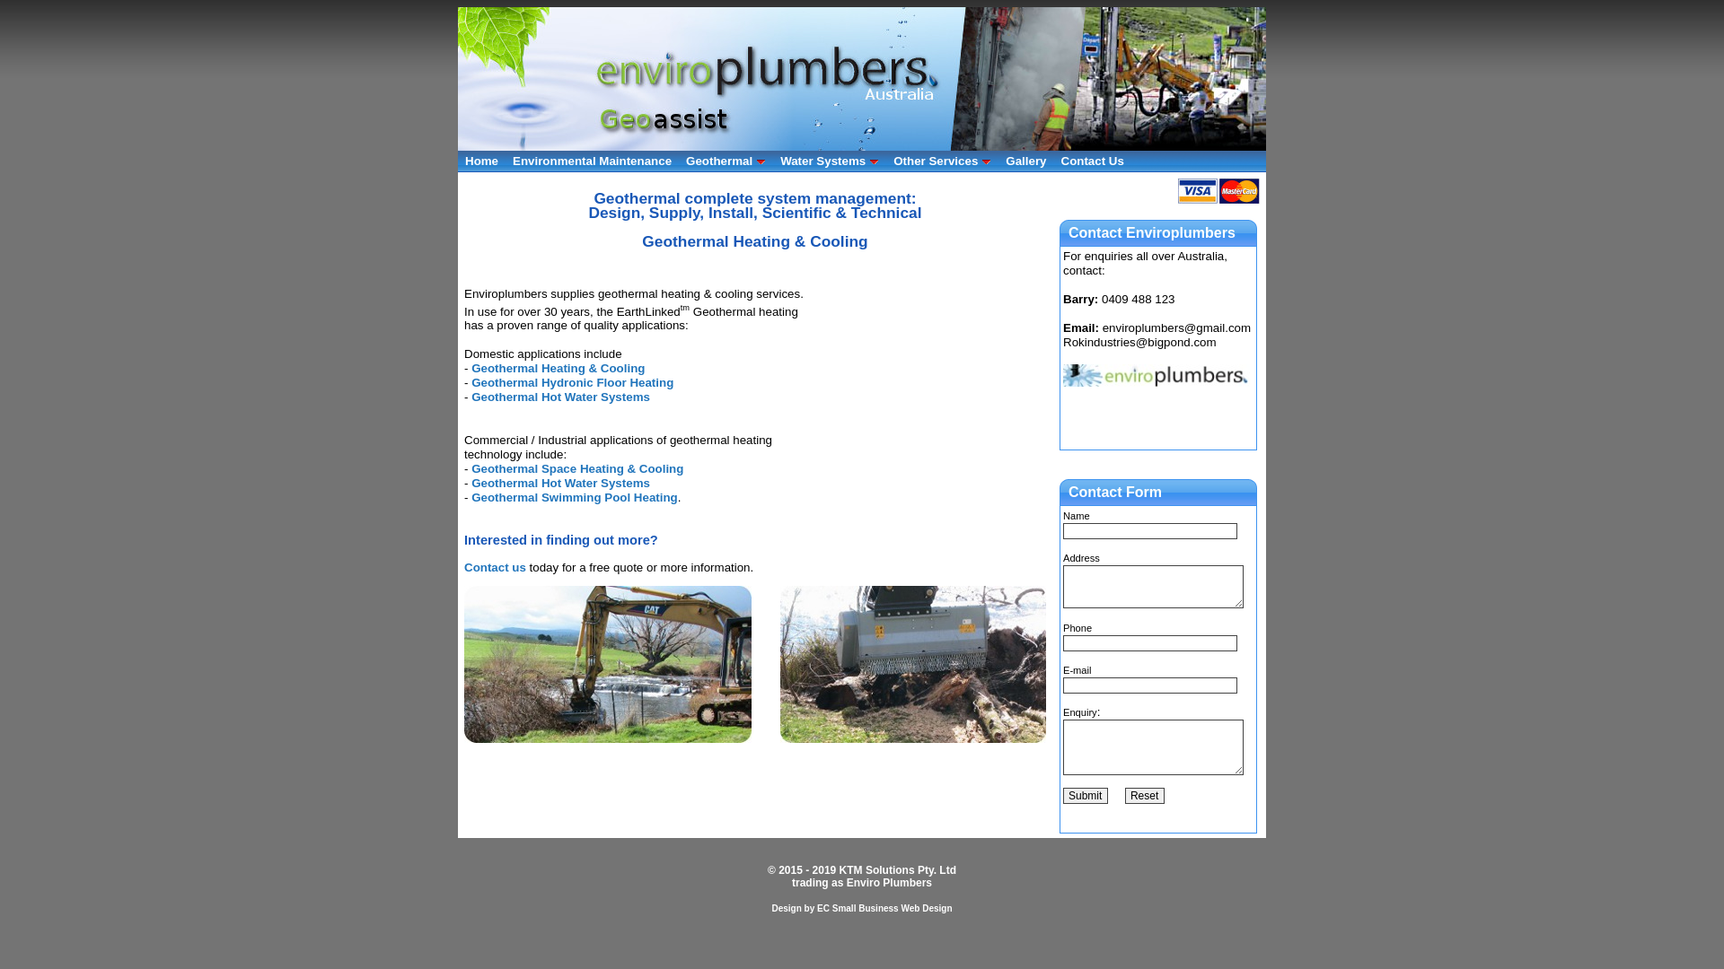 The image size is (1724, 969). I want to click on 'Contact Us', so click(1054, 160).